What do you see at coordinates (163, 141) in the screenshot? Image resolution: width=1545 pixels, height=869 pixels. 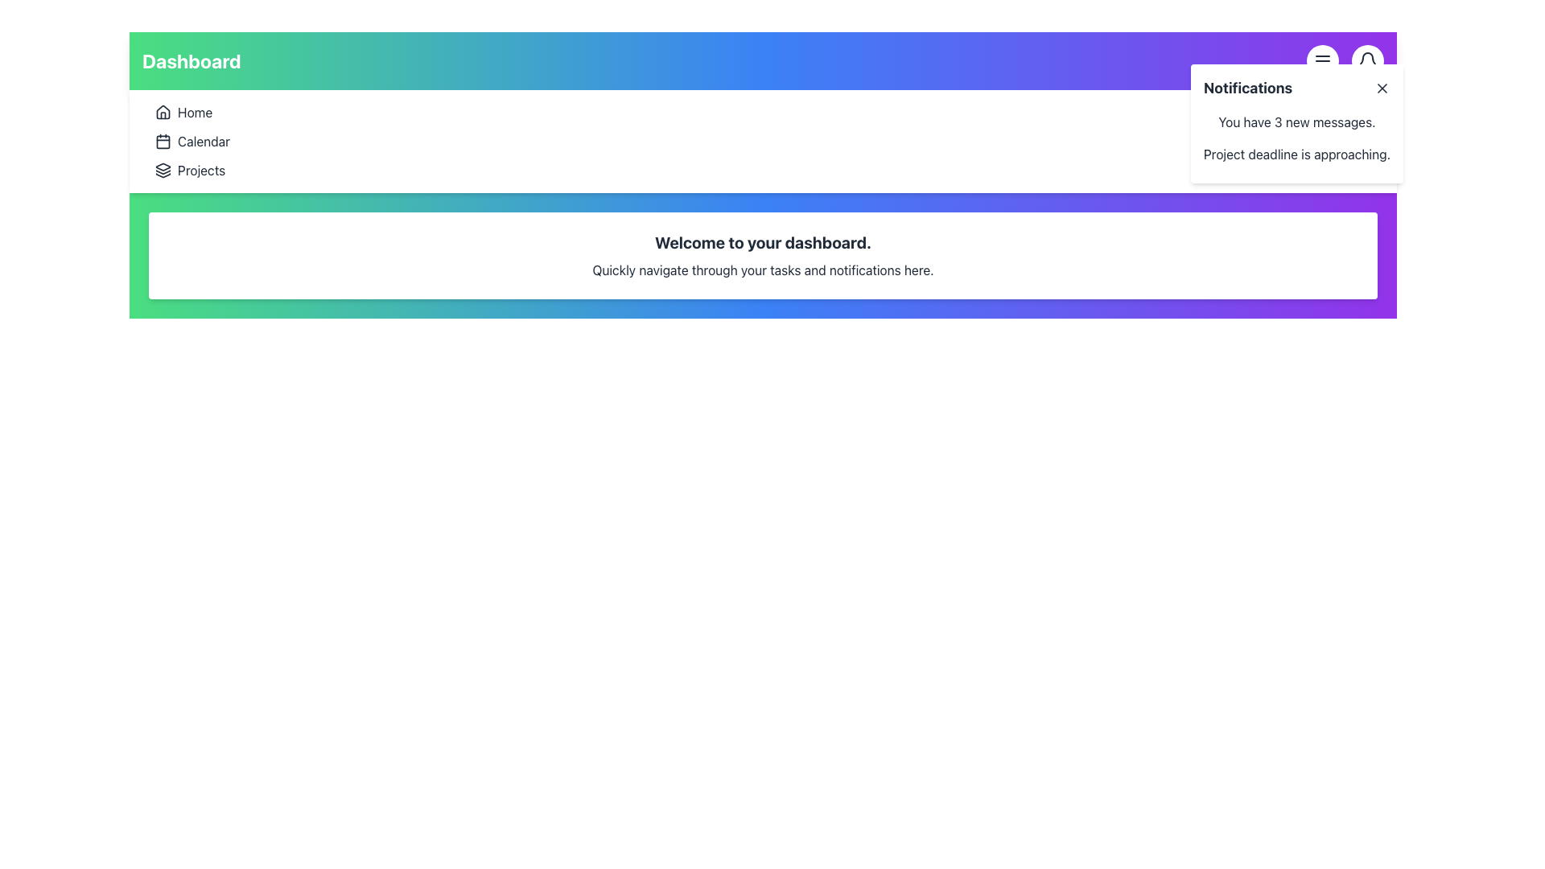 I see `the rectangular component within the calendar icon located in the second item from the top of the list on the sidebar` at bounding box center [163, 141].